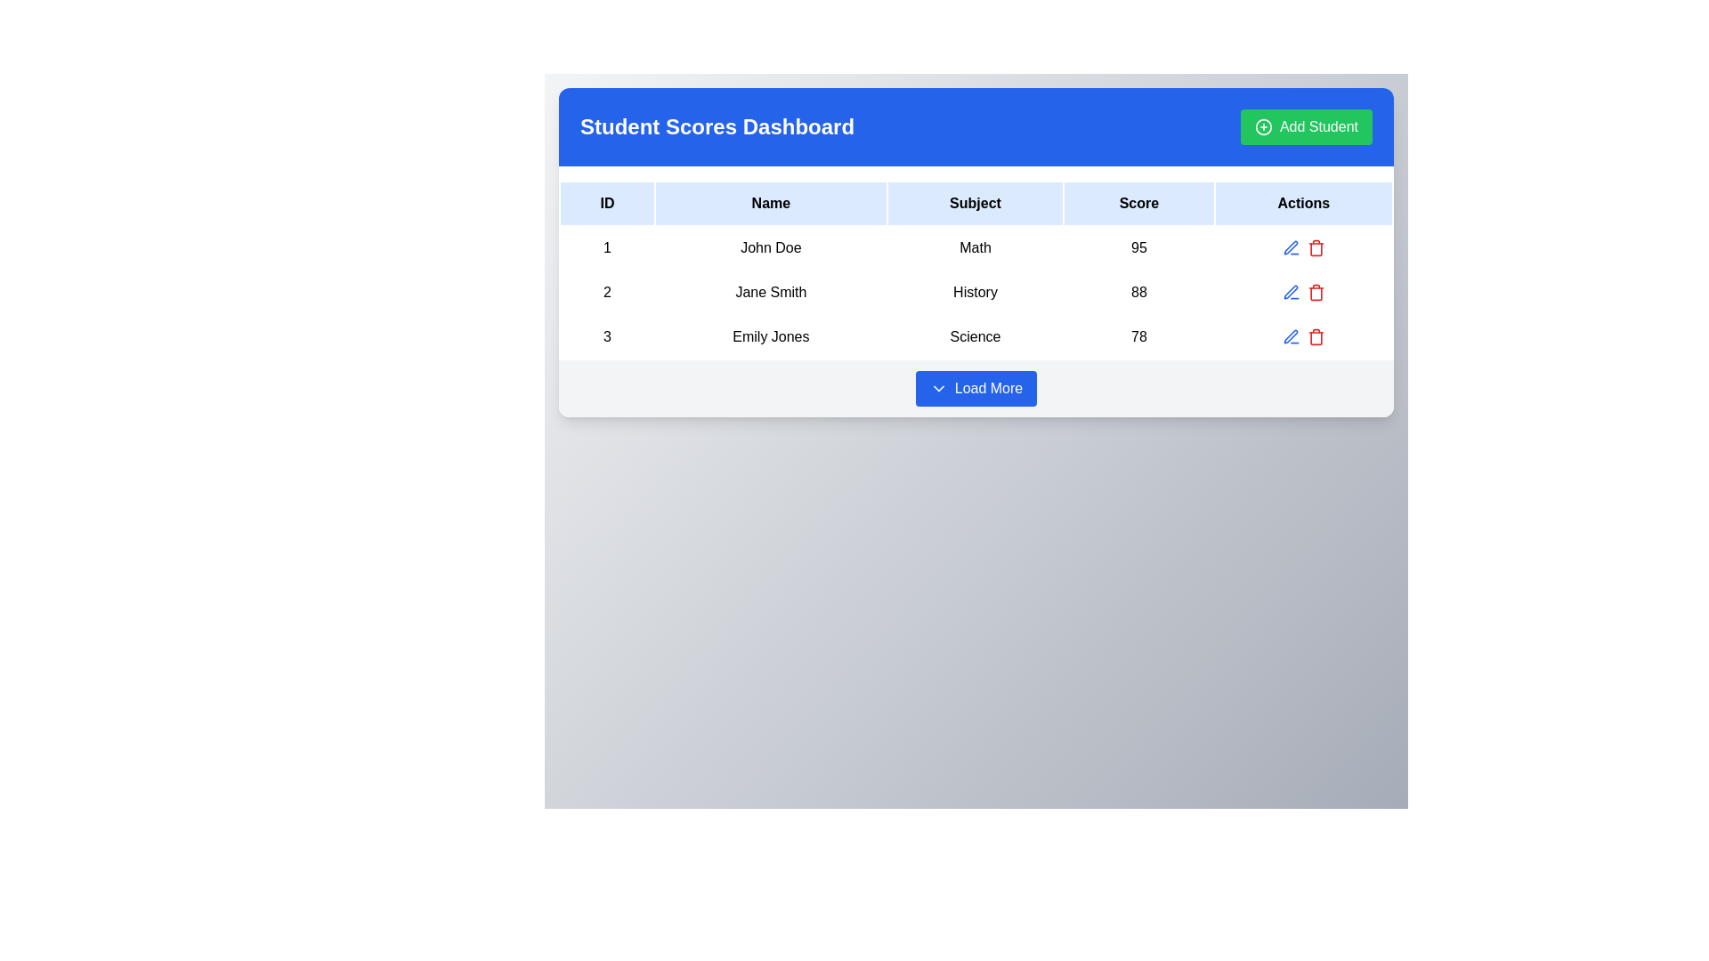 The height and width of the screenshot is (961, 1709). What do you see at coordinates (1138, 247) in the screenshot?
I see `the text-based table cell displaying the score '95', which is aligned under the 'Score' column in the first row of the table, next to 'Math'` at bounding box center [1138, 247].